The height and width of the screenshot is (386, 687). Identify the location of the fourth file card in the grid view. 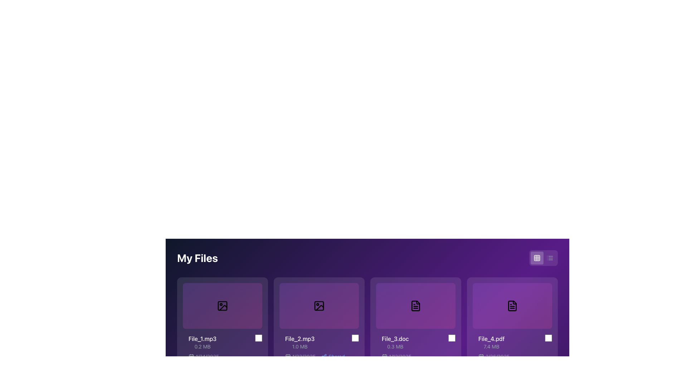
(512, 321).